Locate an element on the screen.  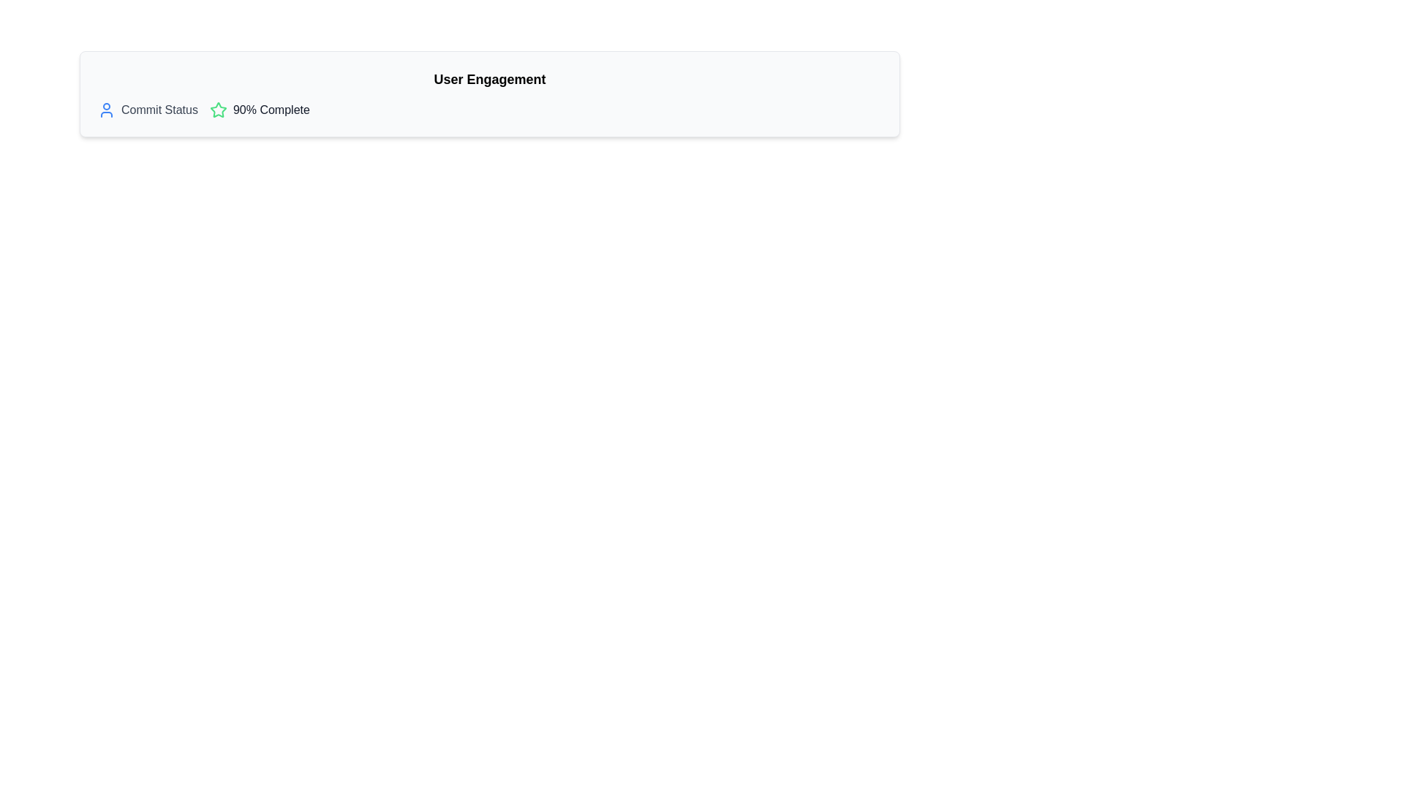
the star icon with a green outline and hollow center, which is positioned to the left of '90% Complete' and right after 'Commit Status' is located at coordinates (217, 109).